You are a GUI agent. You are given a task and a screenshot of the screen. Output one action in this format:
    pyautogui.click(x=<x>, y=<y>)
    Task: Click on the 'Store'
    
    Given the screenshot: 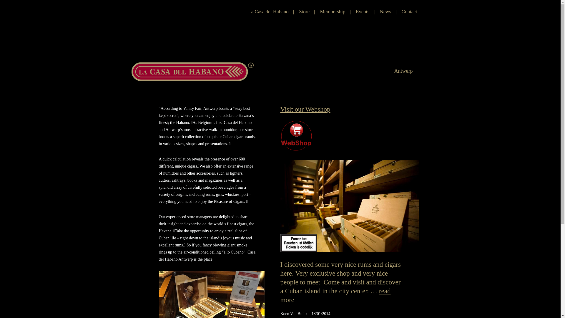 What is the action you would take?
    pyautogui.click(x=304, y=11)
    